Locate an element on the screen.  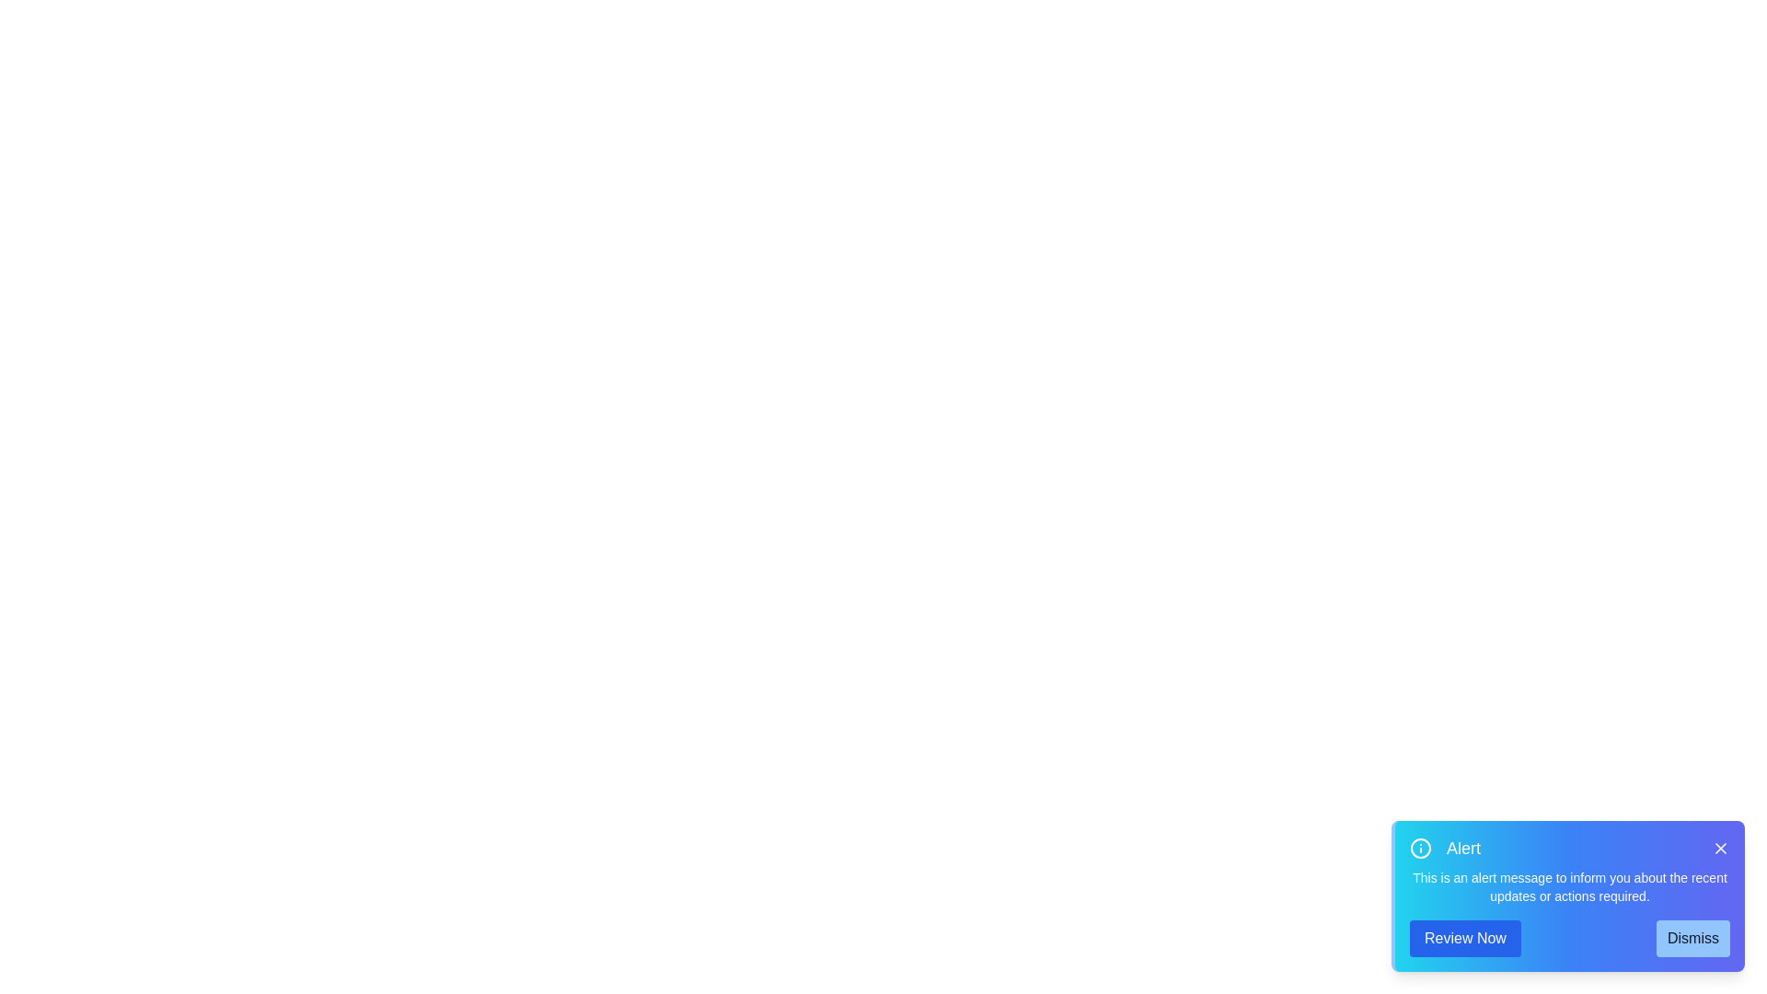
the 'Review Now' button to trigger the review action is located at coordinates (1464, 938).